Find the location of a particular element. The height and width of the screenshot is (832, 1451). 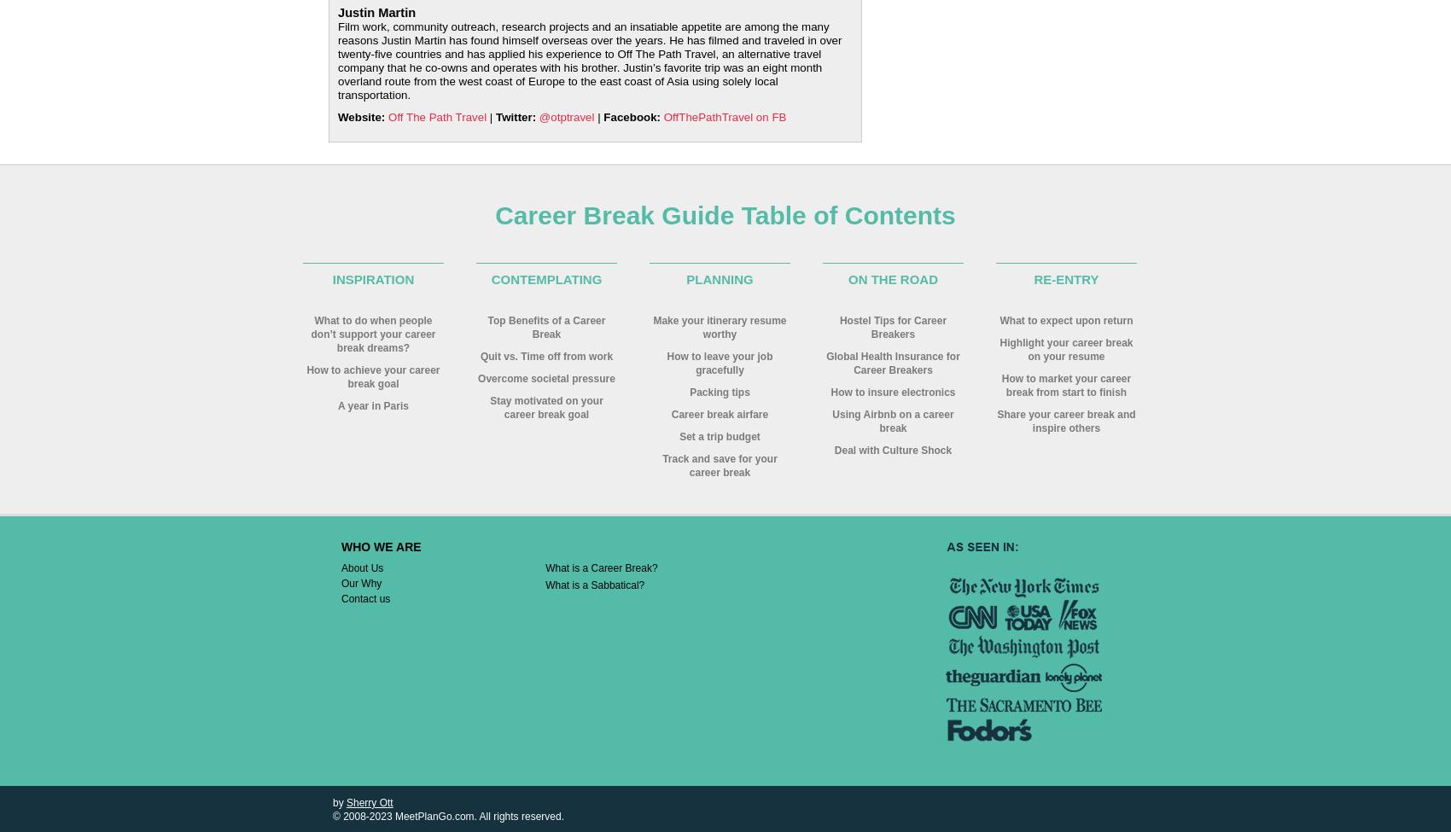

'Sherry Ott' is located at coordinates (369, 801).